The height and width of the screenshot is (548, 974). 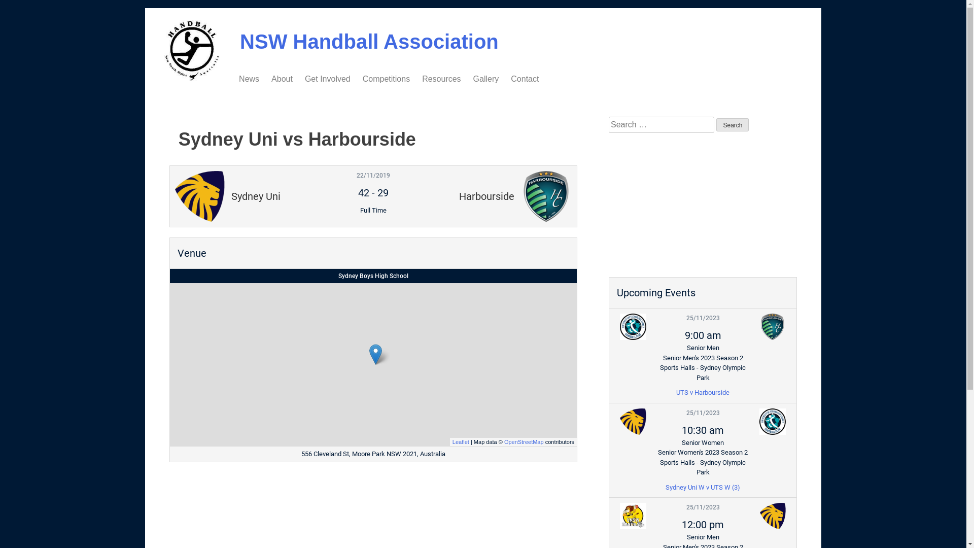 I want to click on 'Search', so click(x=733, y=124).